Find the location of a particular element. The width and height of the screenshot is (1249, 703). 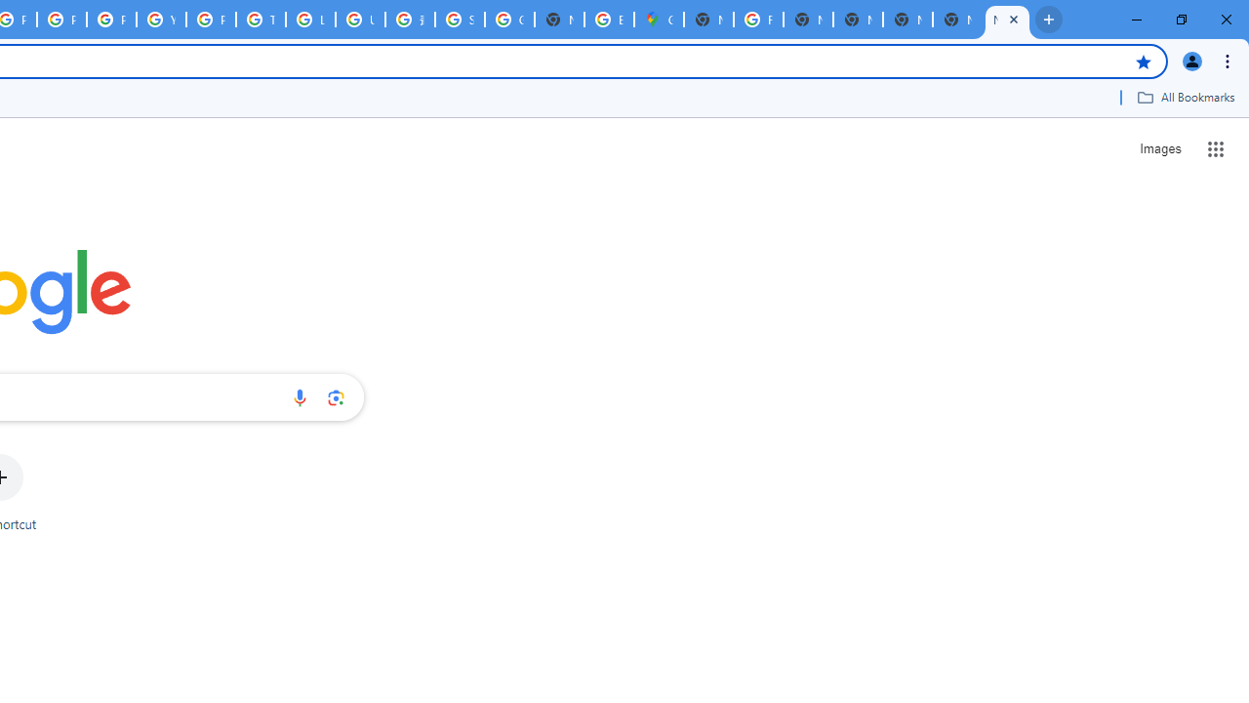

'All Bookmarks' is located at coordinates (1185, 97).